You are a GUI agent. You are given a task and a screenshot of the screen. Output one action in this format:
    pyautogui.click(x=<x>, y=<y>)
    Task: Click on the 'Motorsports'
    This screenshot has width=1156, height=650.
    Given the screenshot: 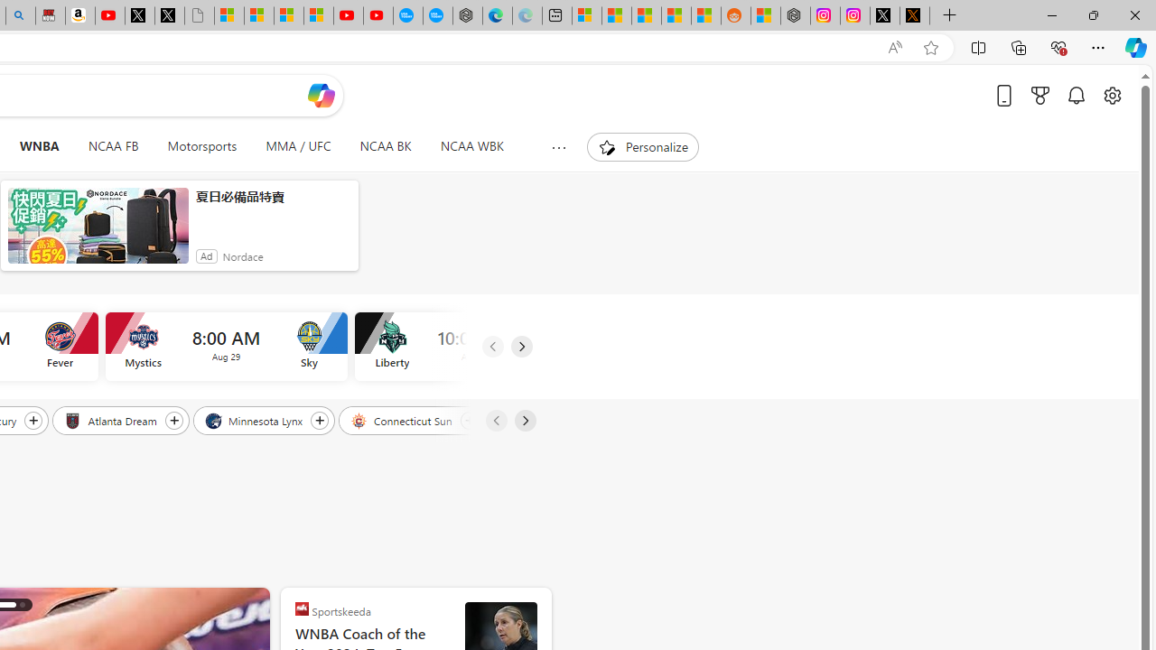 What is the action you would take?
    pyautogui.click(x=202, y=146)
    